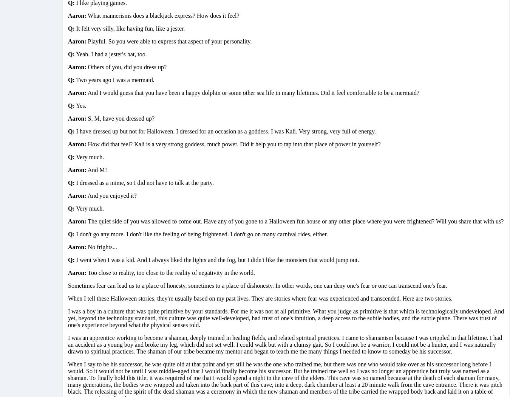 The image size is (510, 397). Describe the element at coordinates (257, 285) in the screenshot. I see `'Sometimes fear can lead us to a place of honesty, sometimes to a place of dishonesty. In other words, one can deny one's fear or one can transcend one's fear.'` at that location.